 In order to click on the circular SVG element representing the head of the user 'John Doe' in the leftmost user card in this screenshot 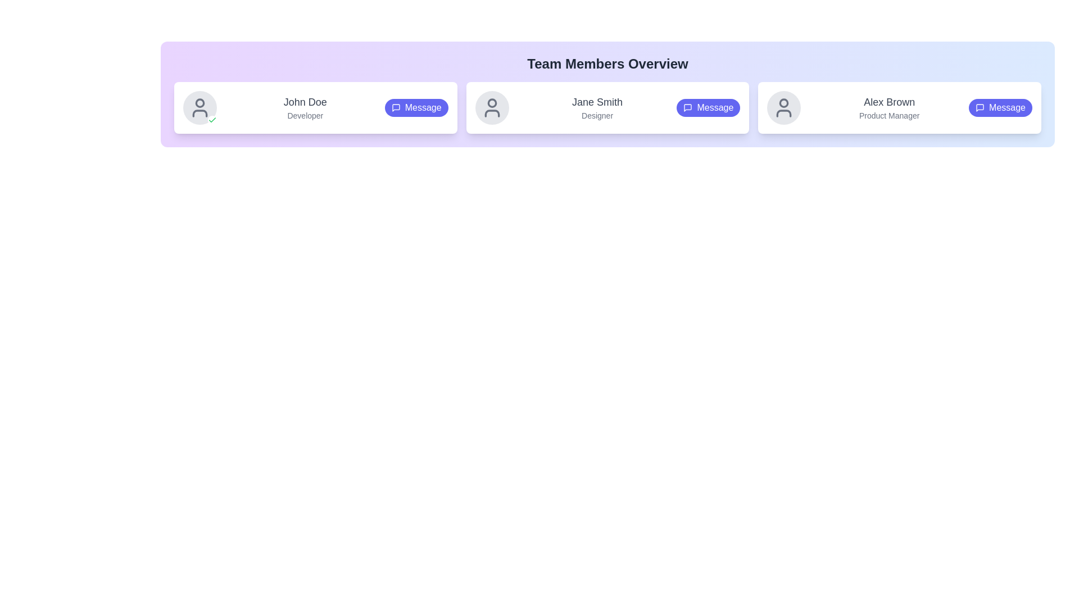, I will do `click(200, 102)`.